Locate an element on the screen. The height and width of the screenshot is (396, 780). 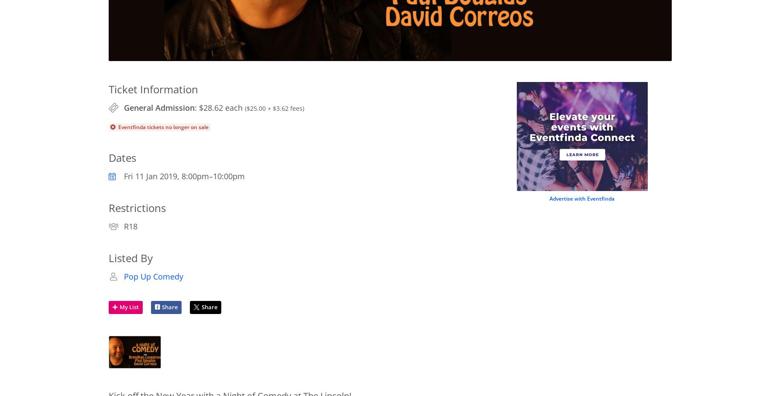
':' is located at coordinates (196, 107).